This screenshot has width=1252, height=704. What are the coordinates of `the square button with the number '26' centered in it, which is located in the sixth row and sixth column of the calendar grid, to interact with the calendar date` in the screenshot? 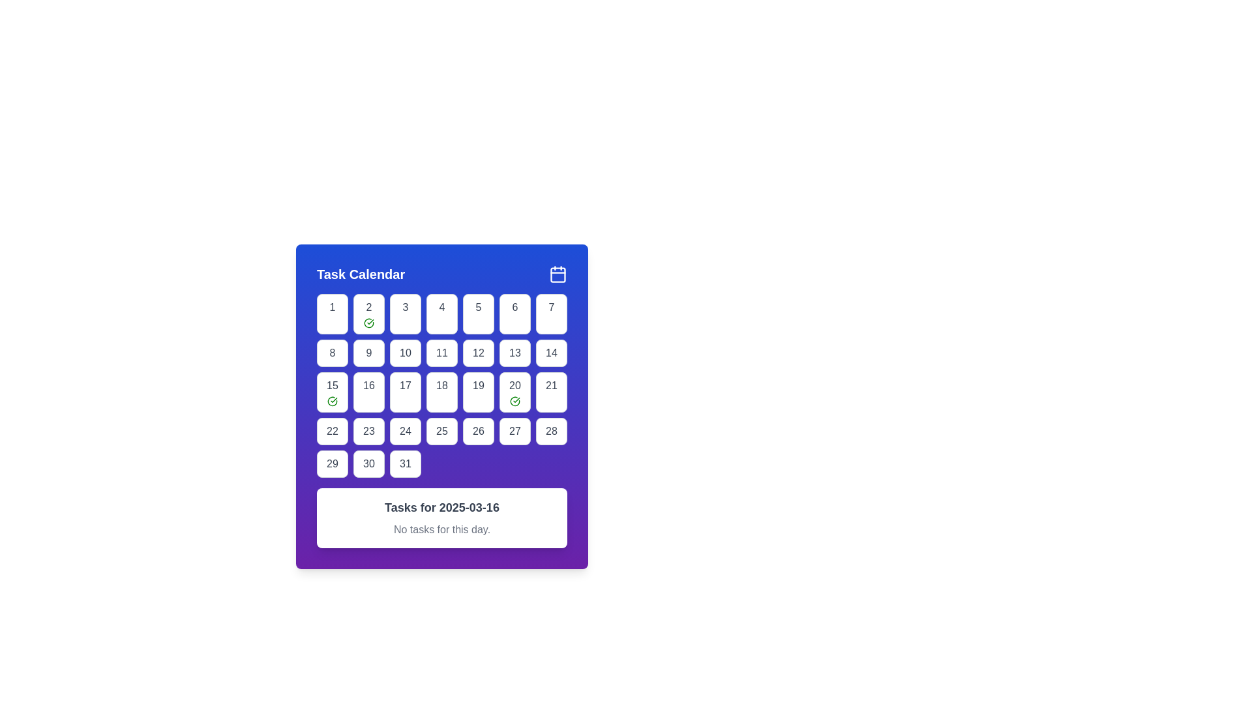 It's located at (478, 432).